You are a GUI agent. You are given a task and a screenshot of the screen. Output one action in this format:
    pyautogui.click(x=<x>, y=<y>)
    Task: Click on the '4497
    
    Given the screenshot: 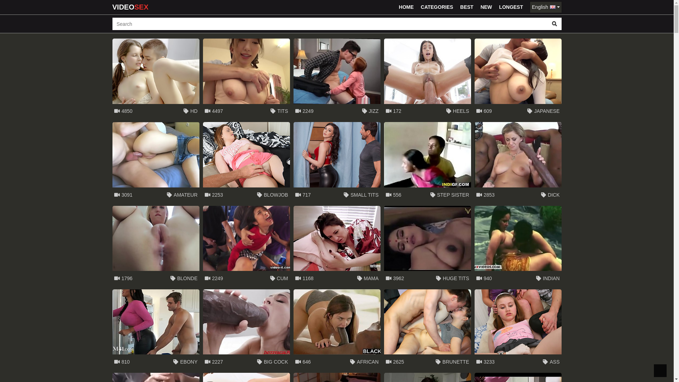 What is the action you would take?
    pyautogui.click(x=203, y=79)
    